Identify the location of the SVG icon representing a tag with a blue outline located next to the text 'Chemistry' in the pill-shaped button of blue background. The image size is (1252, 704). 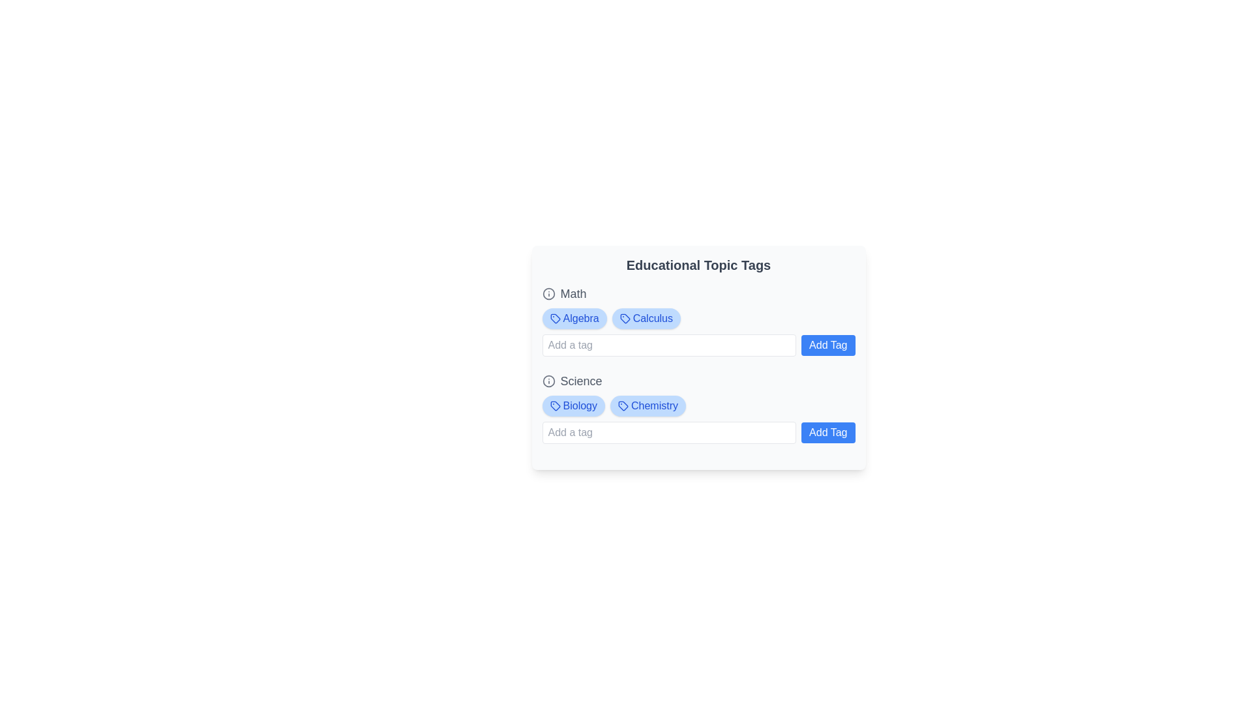
(622, 405).